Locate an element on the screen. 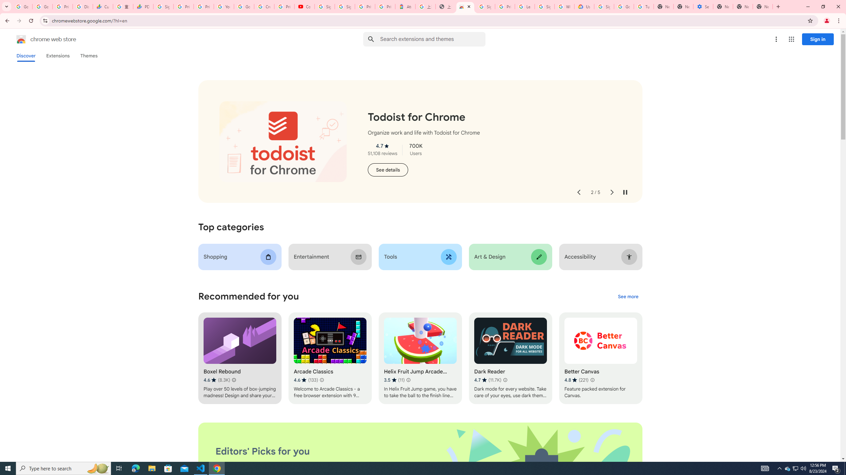 This screenshot has height=475, width=846. 'Better Canvas' is located at coordinates (600, 358).